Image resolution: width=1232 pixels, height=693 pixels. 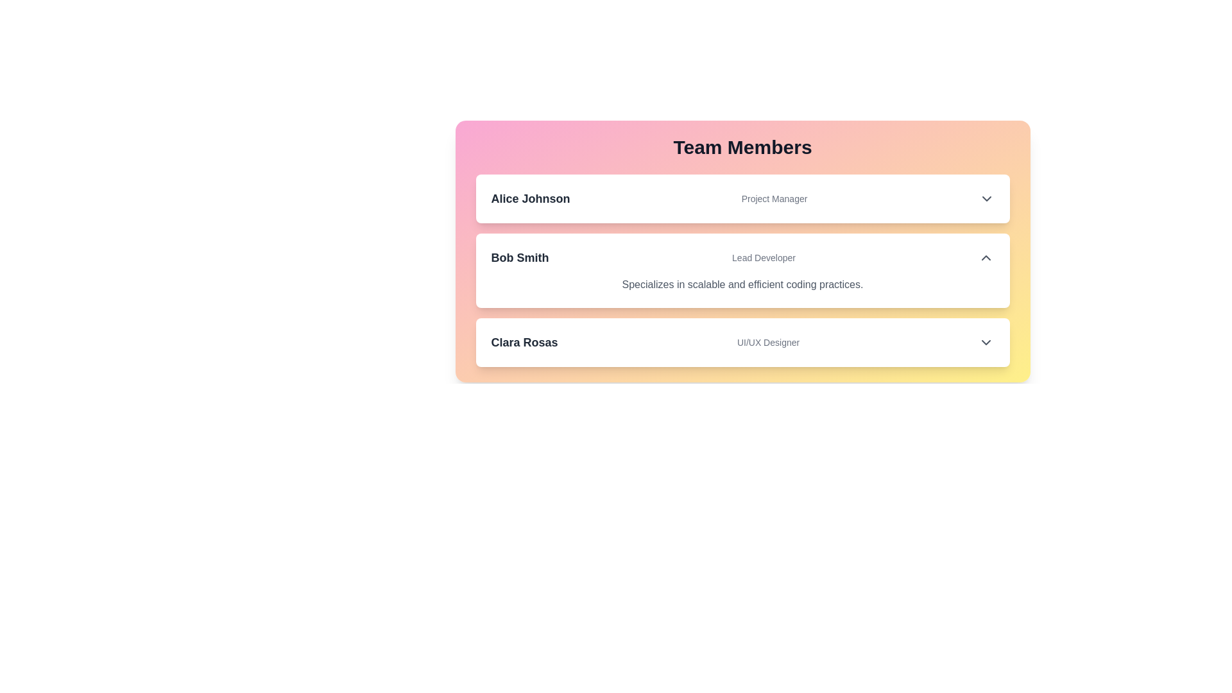 What do you see at coordinates (986, 341) in the screenshot?
I see `toggle button for Clara Rosas to toggle their bio visibility` at bounding box center [986, 341].